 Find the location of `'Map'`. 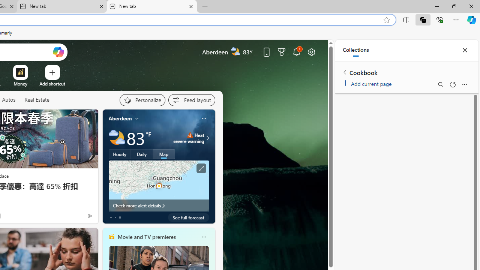

'Map' is located at coordinates (163, 154).